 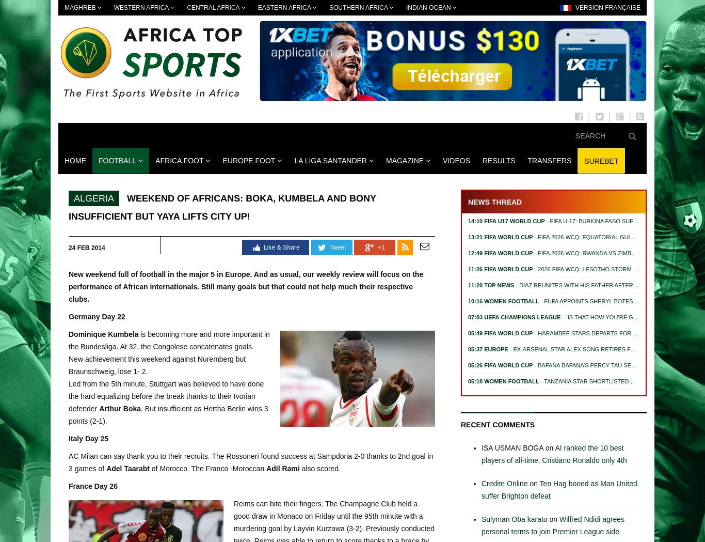 I want to click on 'Transfers', so click(x=549, y=160).